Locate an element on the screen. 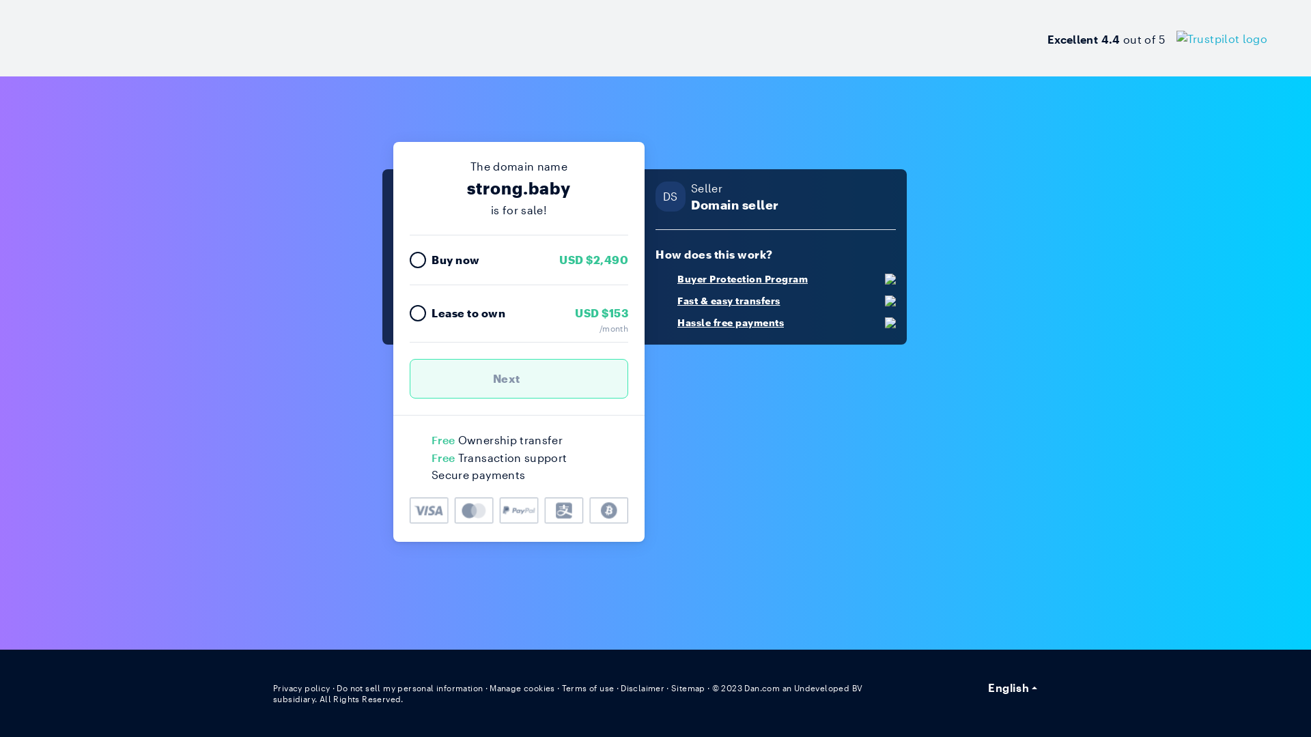  'Manage cookies' is located at coordinates (521, 687).